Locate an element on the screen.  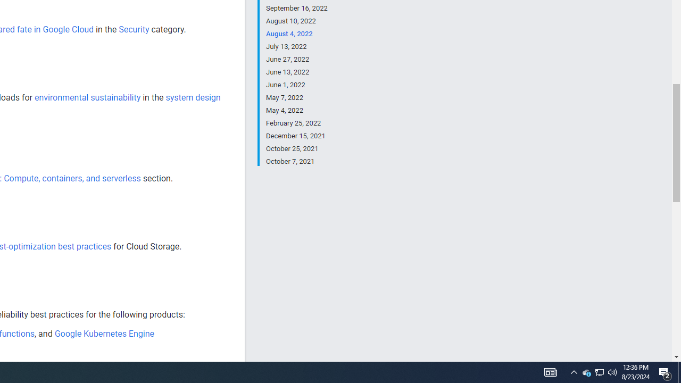
'February 25, 2022' is located at coordinates (296, 123).